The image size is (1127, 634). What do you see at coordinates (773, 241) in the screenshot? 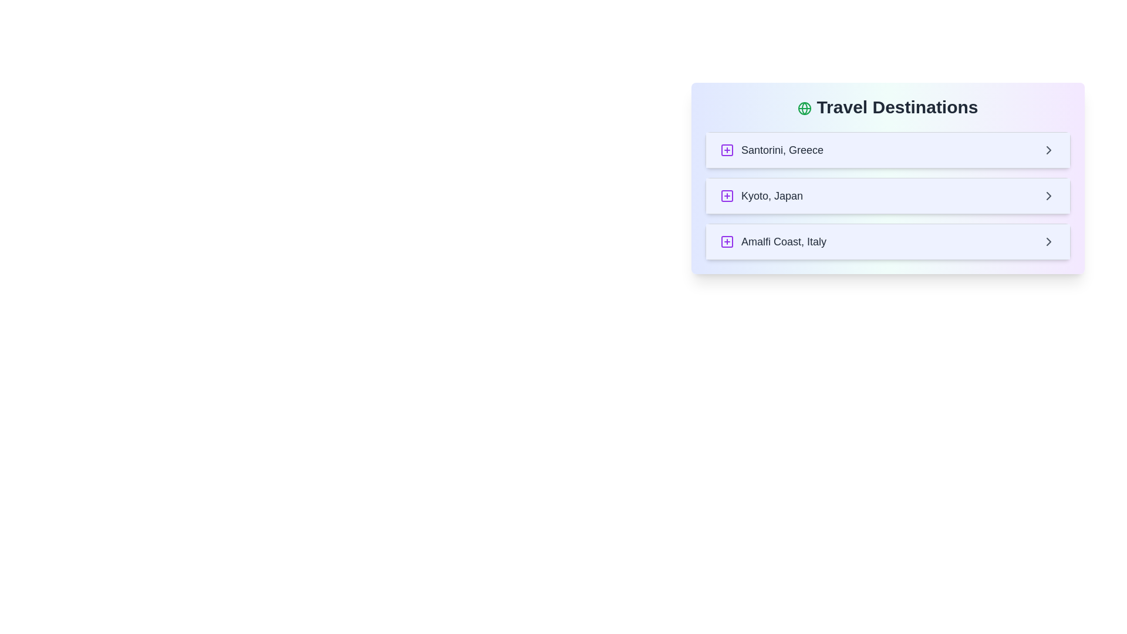
I see `the text label displaying 'Amalfi Coast, Italy' which is positioned to the right of a purple square-plus icon in the bottom row of the destination list` at bounding box center [773, 241].